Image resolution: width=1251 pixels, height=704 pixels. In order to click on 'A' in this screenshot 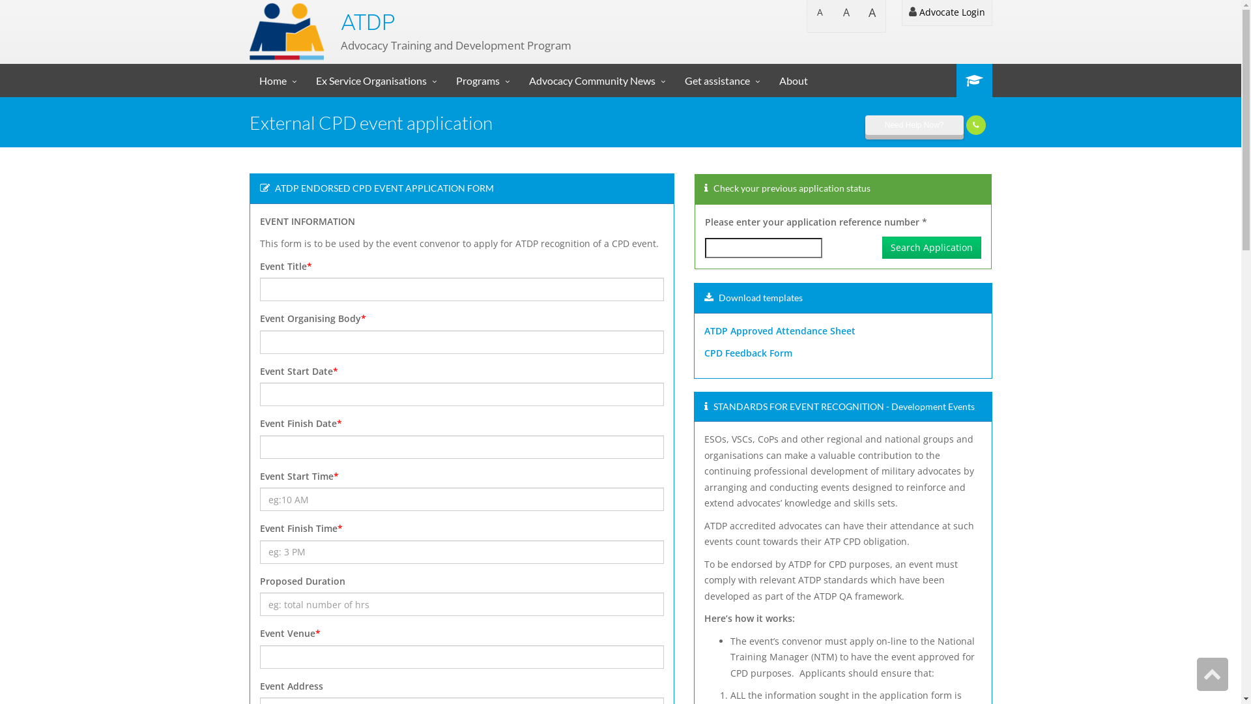, I will do `click(845, 16)`.